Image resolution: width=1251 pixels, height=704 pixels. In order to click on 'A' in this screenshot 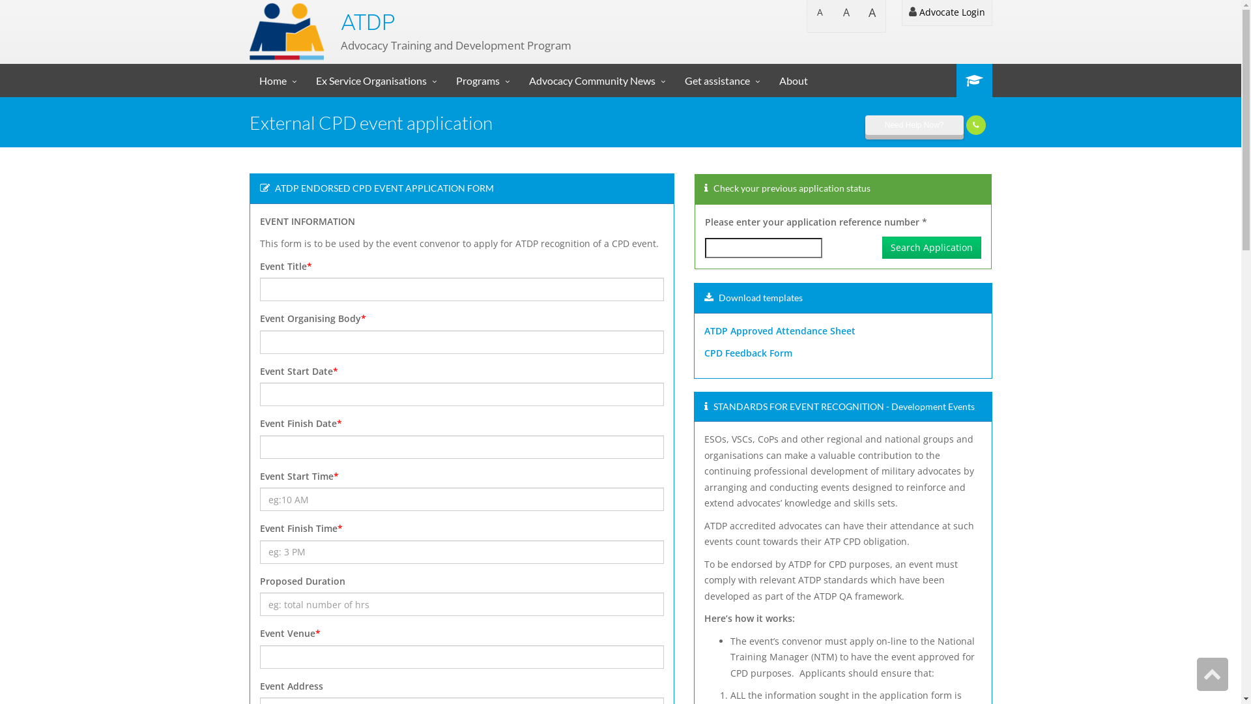, I will do `click(845, 16)`.